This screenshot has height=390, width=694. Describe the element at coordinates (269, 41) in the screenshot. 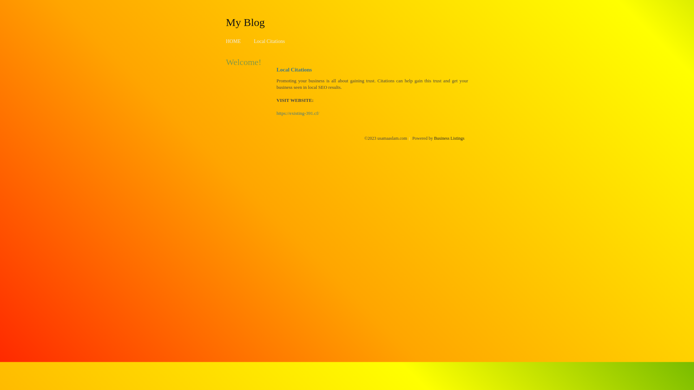

I see `'Local Citations'` at that location.